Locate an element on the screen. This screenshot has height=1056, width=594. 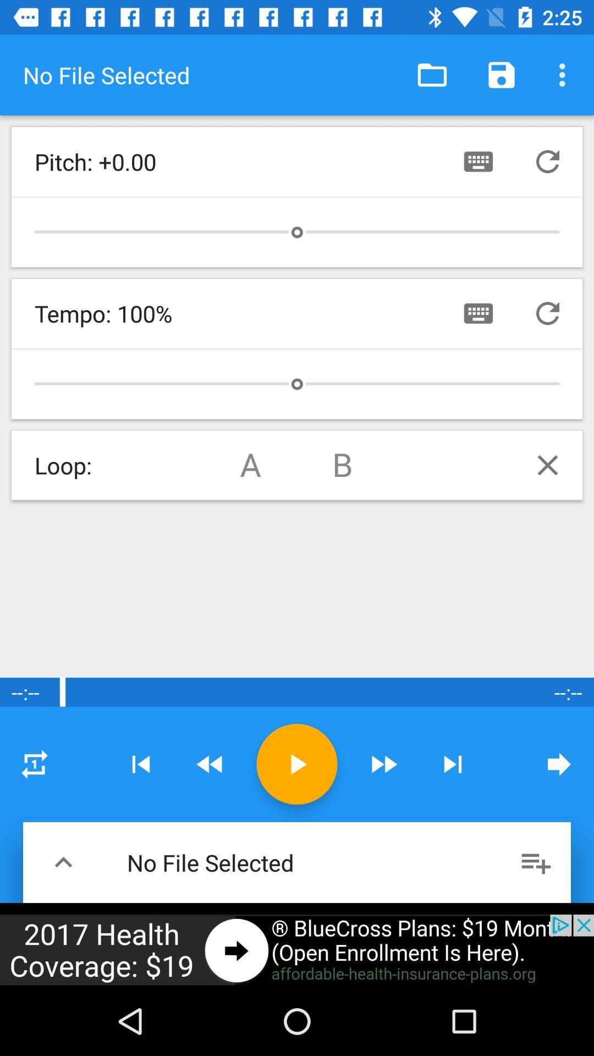
the av_forward icon is located at coordinates (383, 763).